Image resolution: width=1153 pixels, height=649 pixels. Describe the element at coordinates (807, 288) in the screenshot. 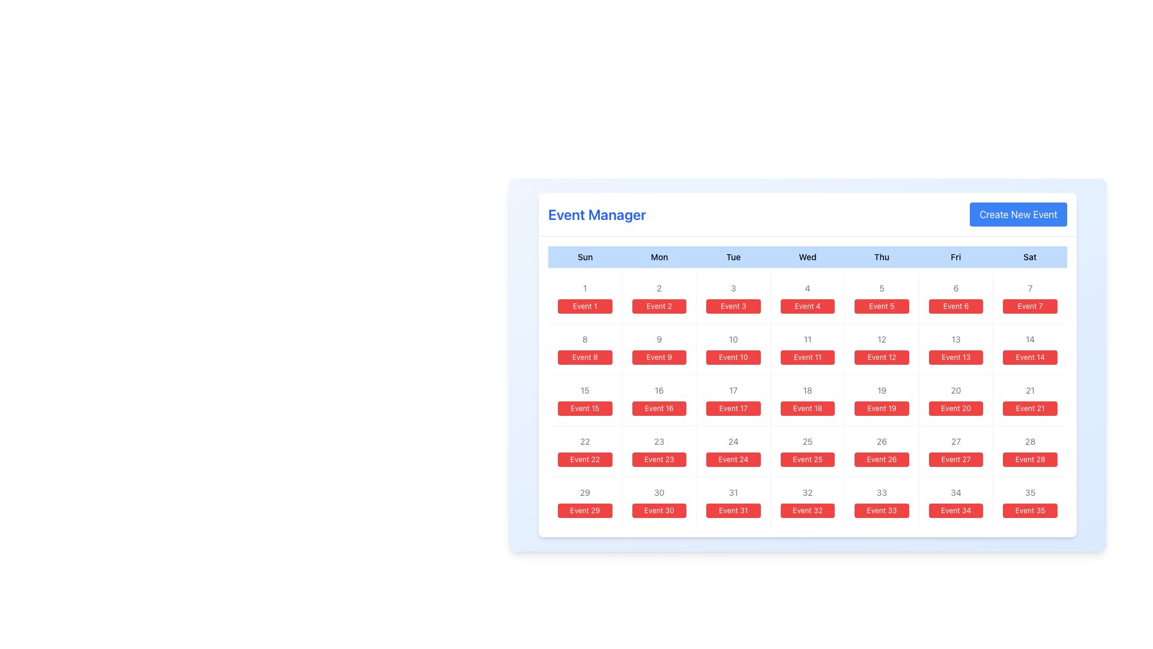

I see `numeral displayed in the Text display element that indicates the day number for 'Wednesday' in the calendar interface, located above the red button labeled 'Event 4'` at that location.